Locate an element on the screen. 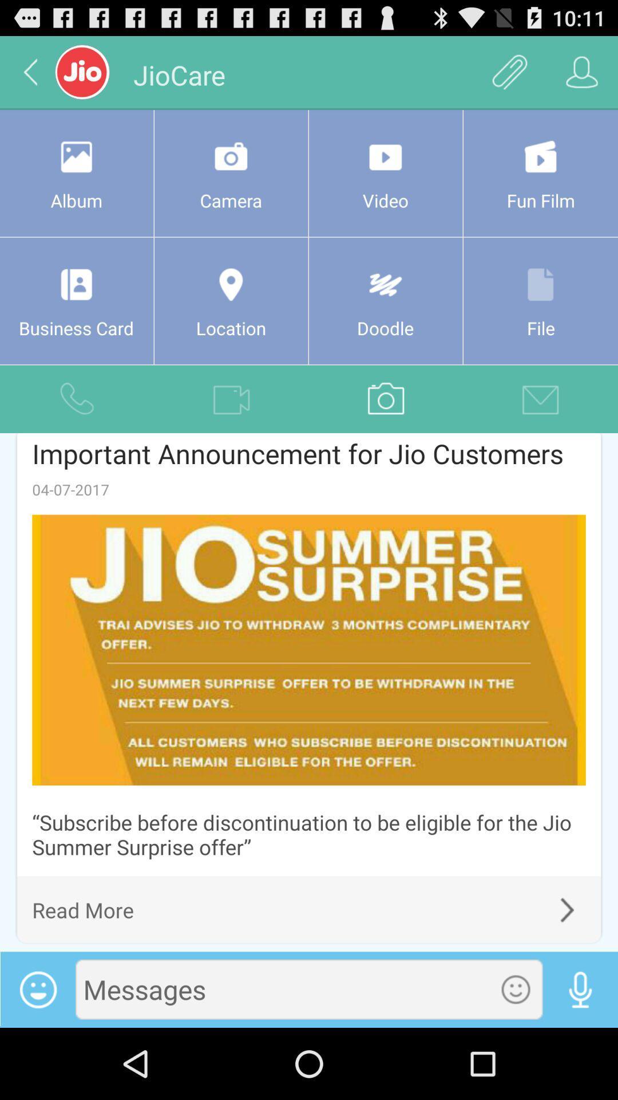  the microphone icon is located at coordinates (580, 1058).